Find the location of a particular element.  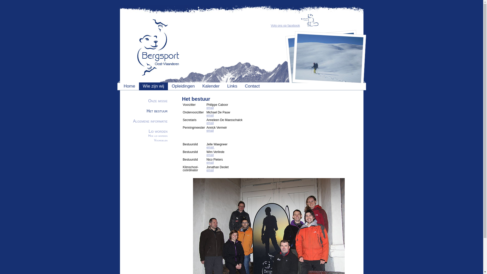

'Algemene informatie' is located at coordinates (150, 121).